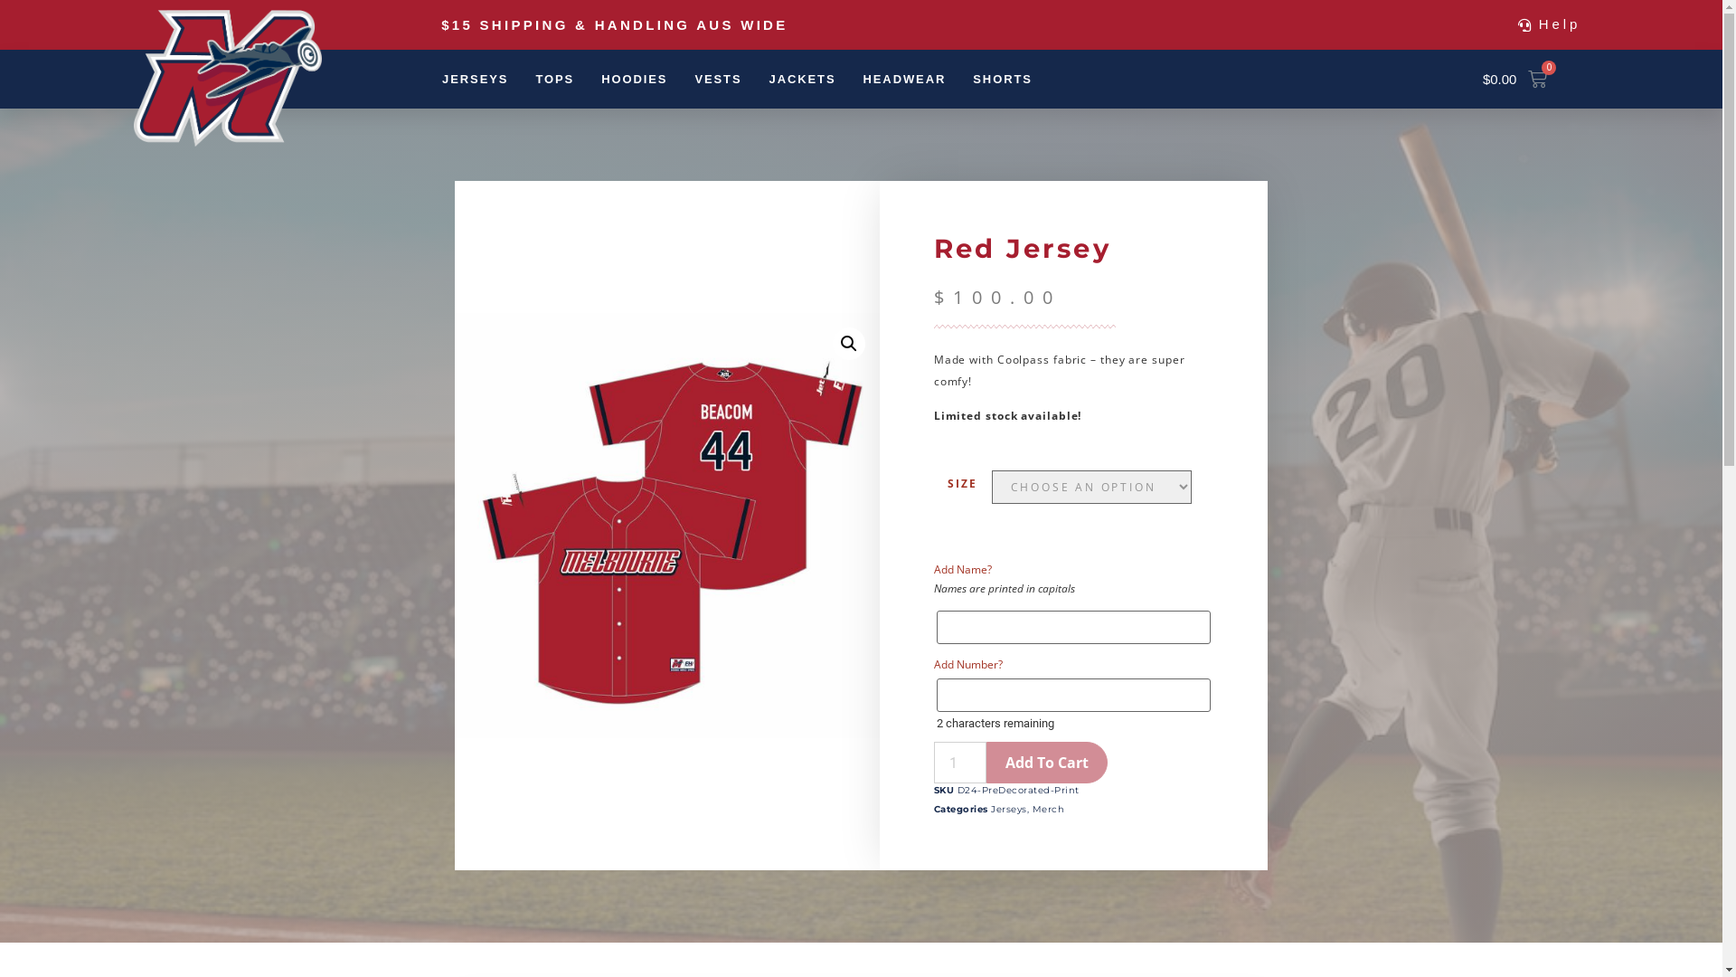 The image size is (1736, 977). I want to click on 'Red_Name_44', so click(665, 526).